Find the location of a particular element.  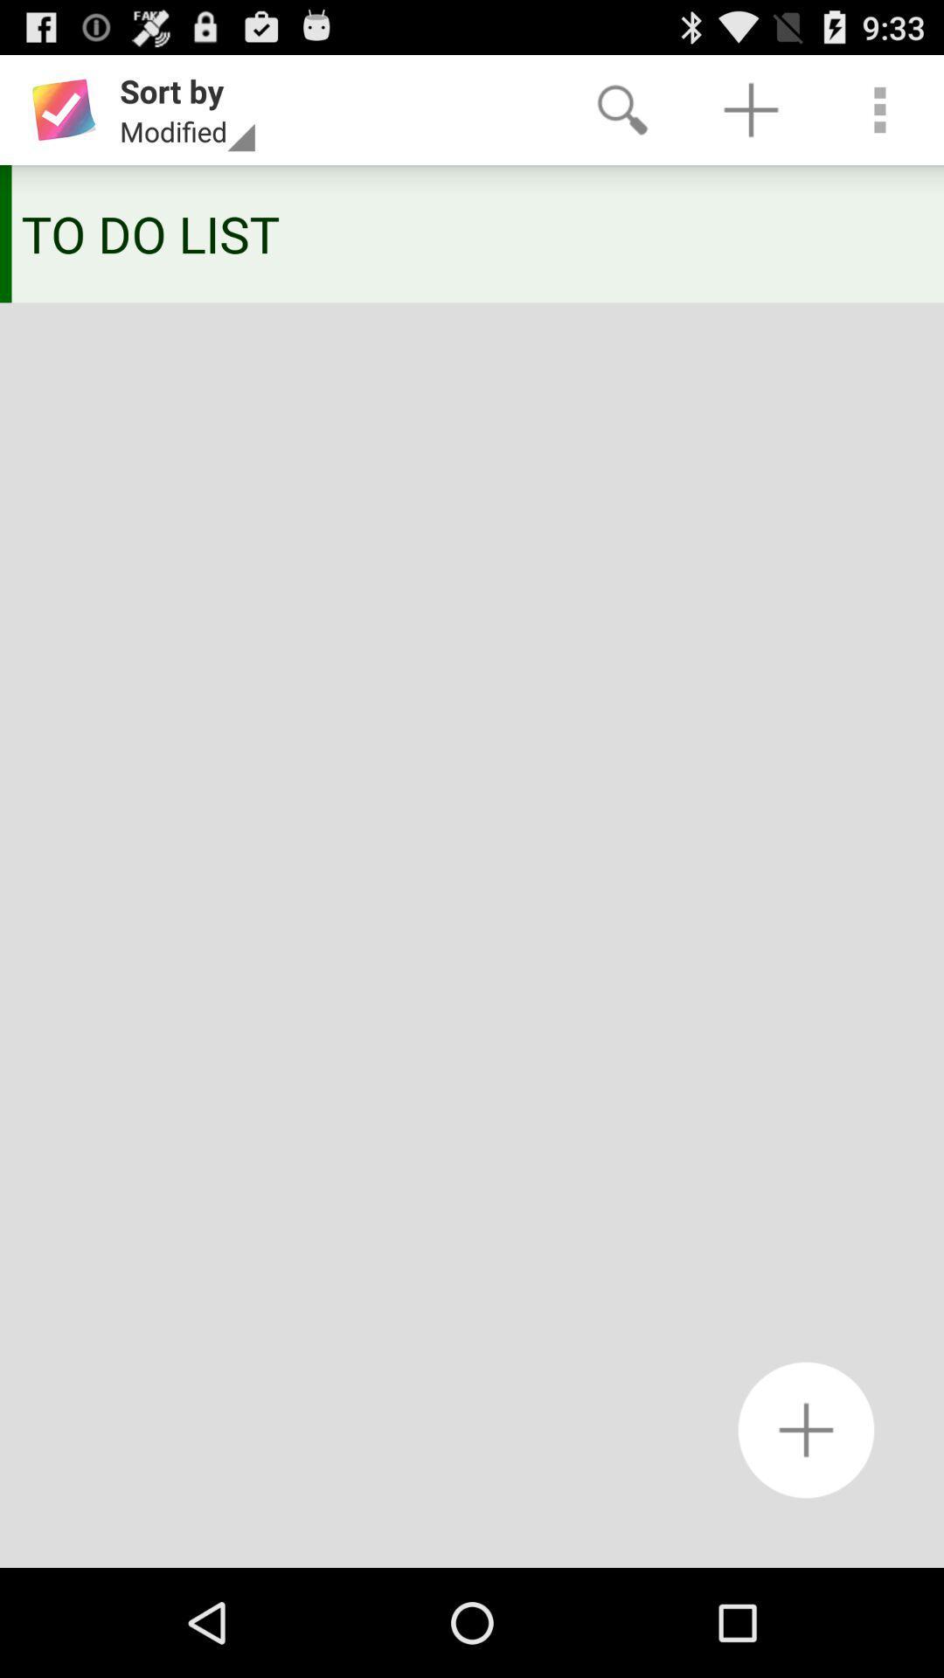

content is located at coordinates (806, 1430).